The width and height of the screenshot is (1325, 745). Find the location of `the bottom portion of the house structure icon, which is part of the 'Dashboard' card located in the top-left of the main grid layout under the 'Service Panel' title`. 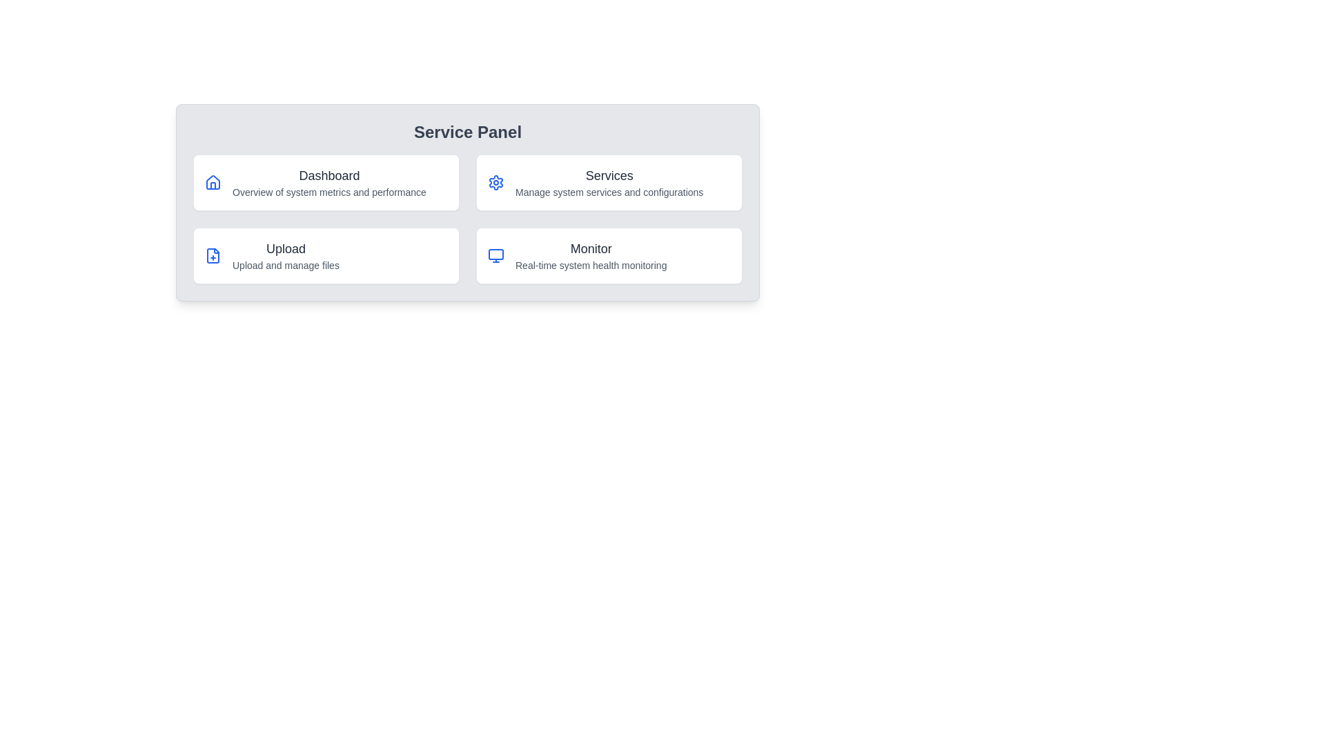

the bottom portion of the house structure icon, which is part of the 'Dashboard' card located in the top-left of the main grid layout under the 'Service Panel' title is located at coordinates (212, 185).